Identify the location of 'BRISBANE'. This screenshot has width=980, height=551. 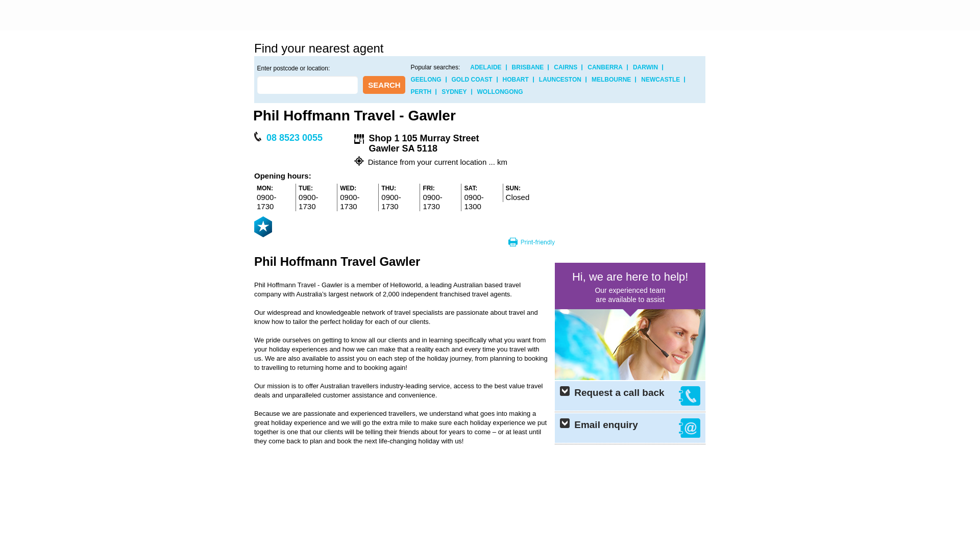
(528, 67).